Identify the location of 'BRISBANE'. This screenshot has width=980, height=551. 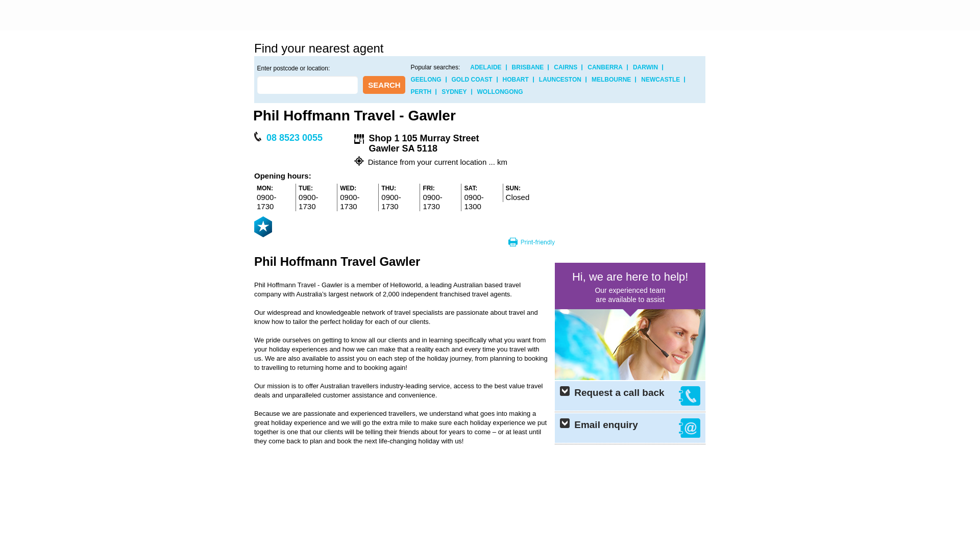
(528, 67).